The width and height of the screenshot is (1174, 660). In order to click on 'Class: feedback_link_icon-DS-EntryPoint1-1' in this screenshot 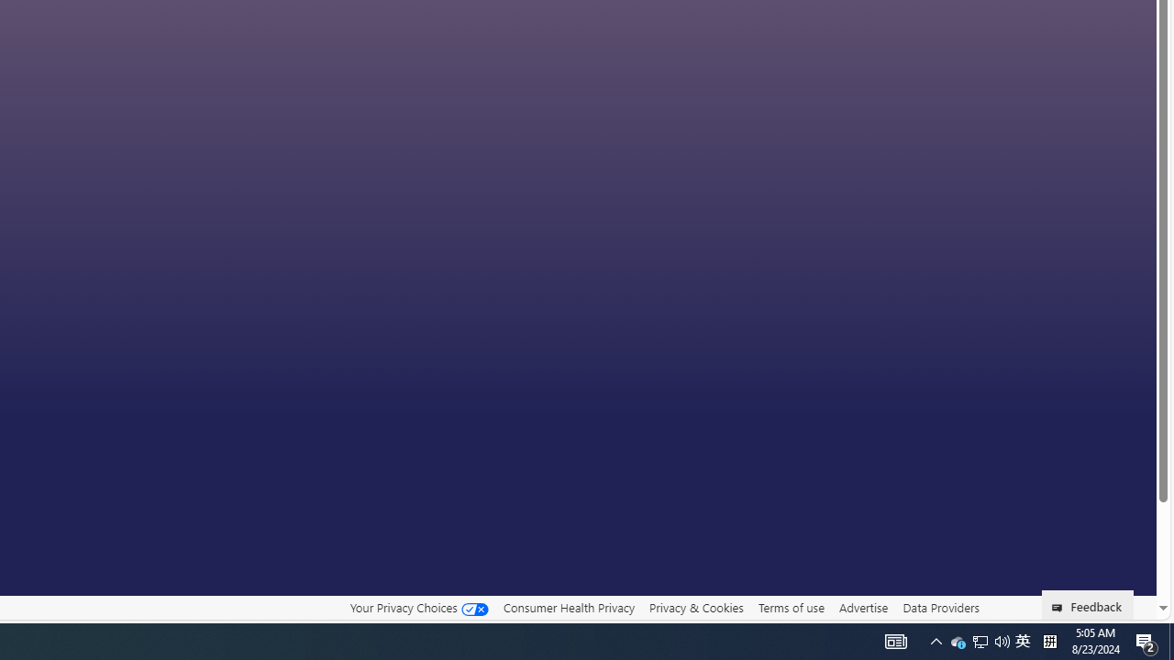, I will do `click(1060, 608)`.